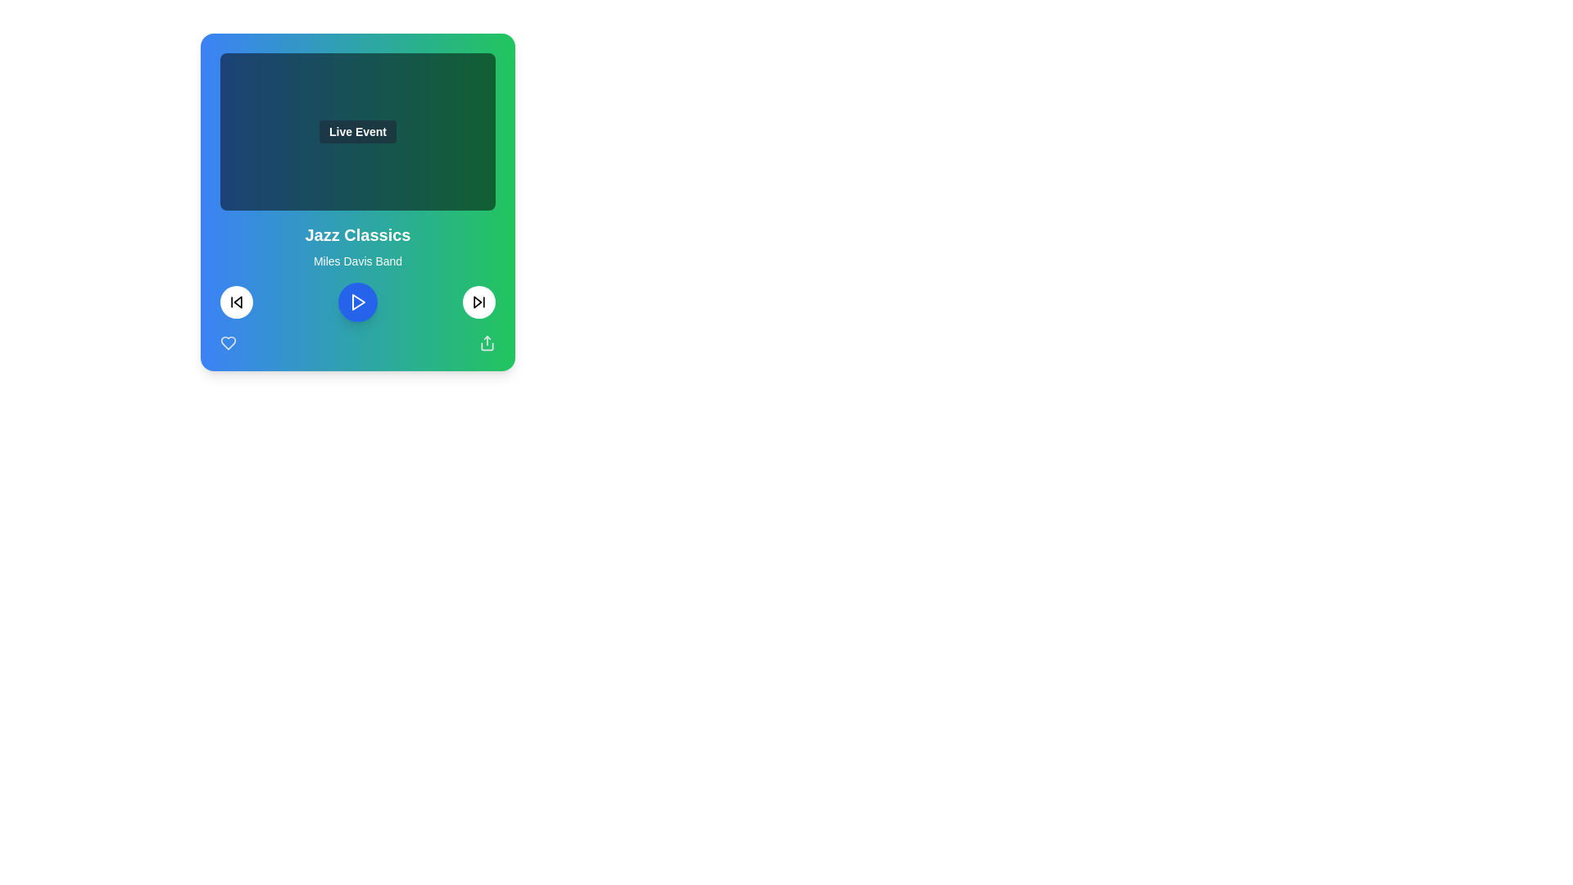 This screenshot has width=1573, height=885. I want to click on the semi-transparent black rectangular overlay that contains the highlighted text 'Live Event', which is centered within a gradient background transitioning from blue to green, positioned above 'Jazz Classics' and 'Miles Davis Band', so click(356, 131).